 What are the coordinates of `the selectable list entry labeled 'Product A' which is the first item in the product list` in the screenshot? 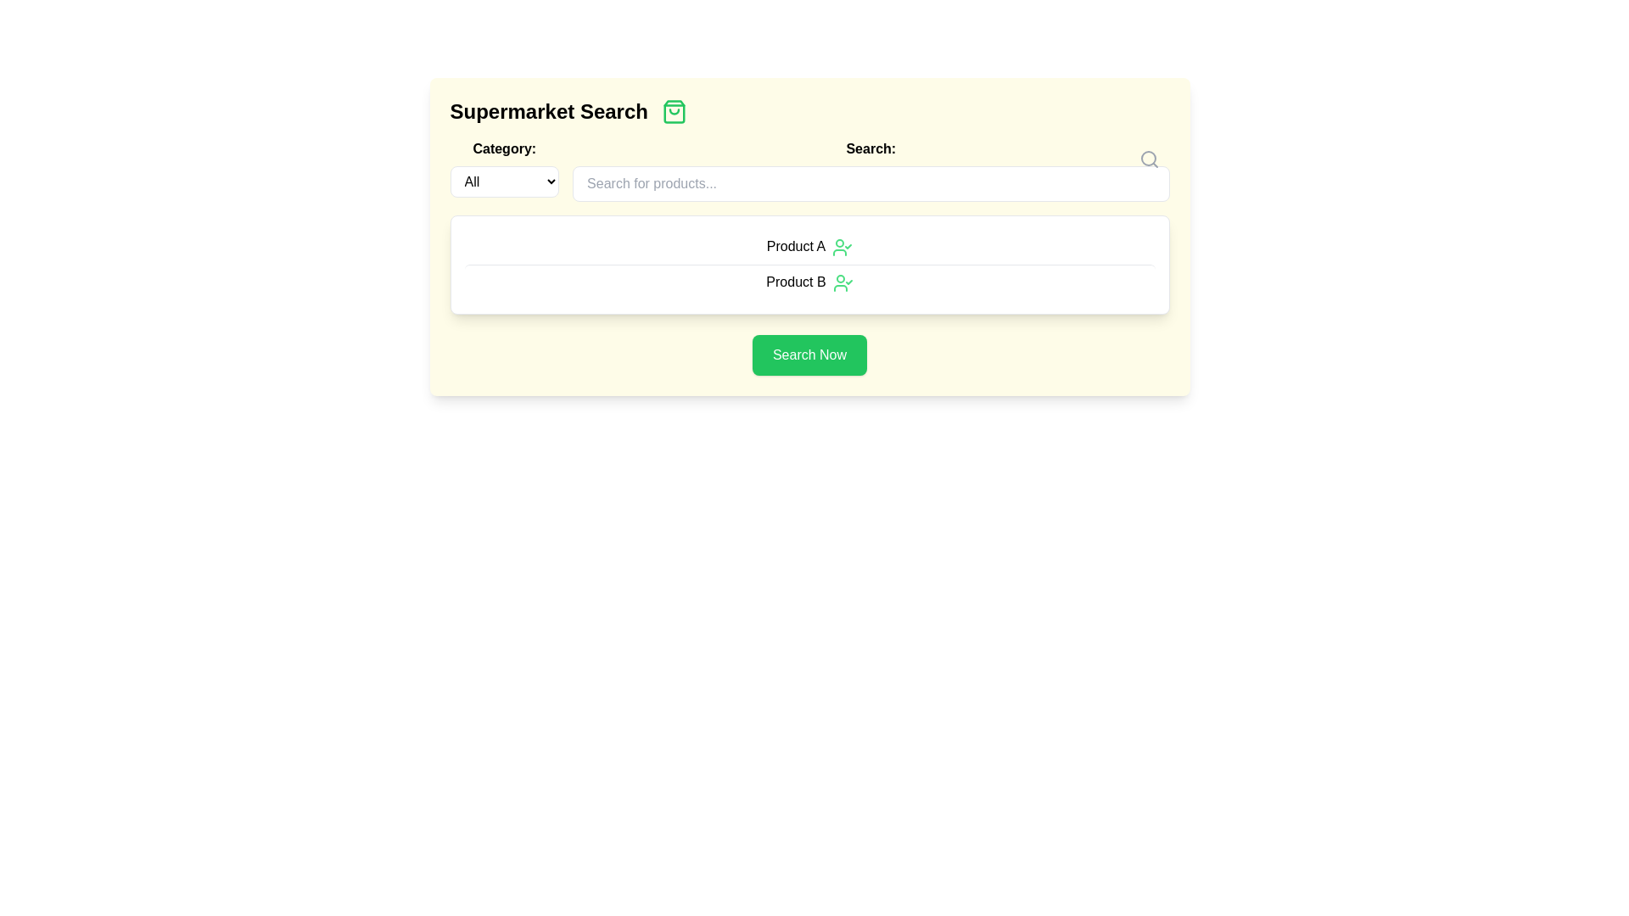 It's located at (809, 247).